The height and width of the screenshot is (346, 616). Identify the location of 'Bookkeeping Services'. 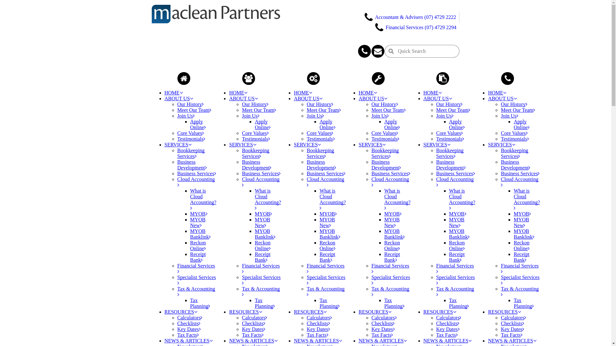
(320, 153).